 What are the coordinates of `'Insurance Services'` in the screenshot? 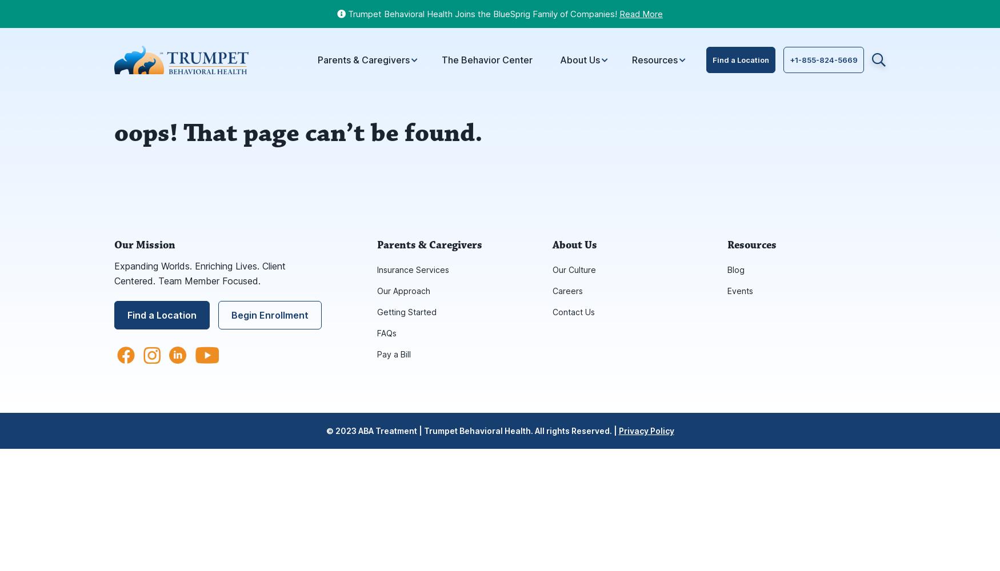 It's located at (413, 268).